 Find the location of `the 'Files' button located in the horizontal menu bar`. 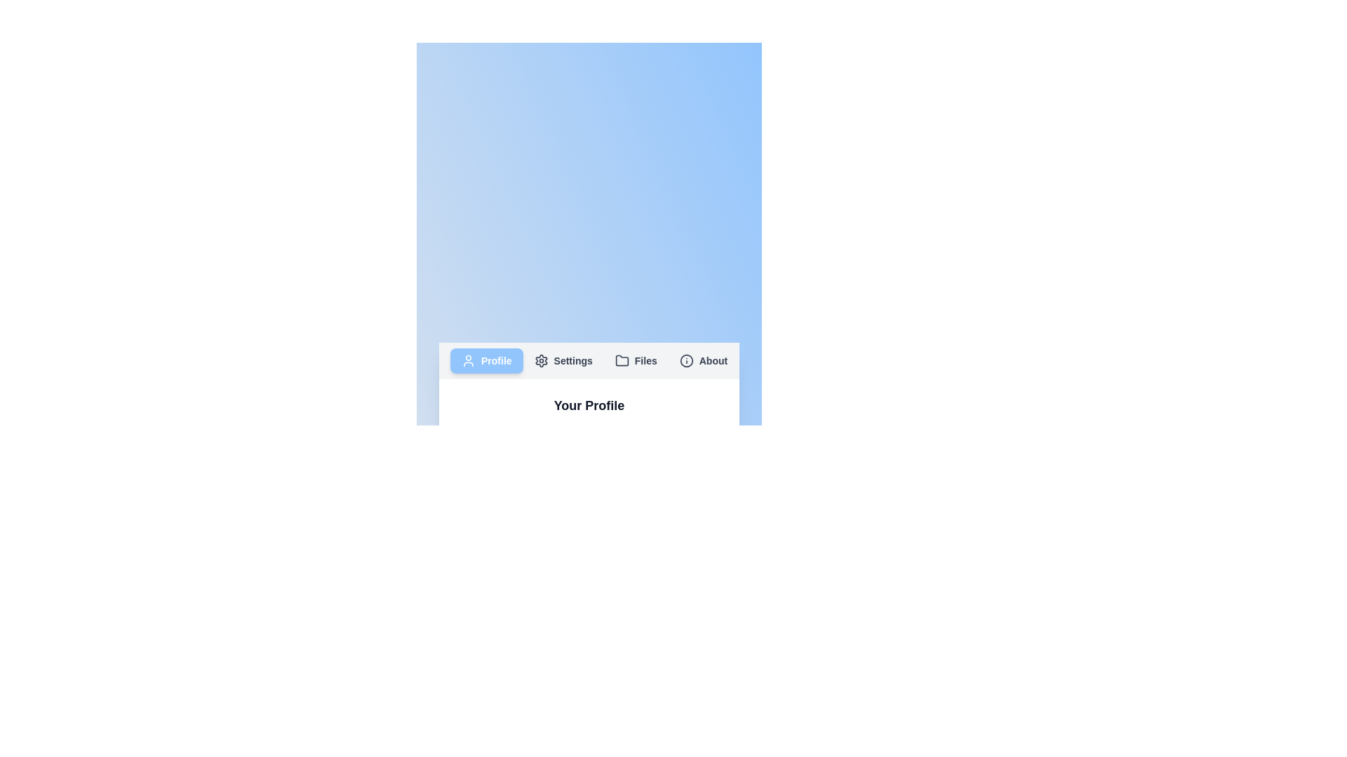

the 'Files' button located in the horizontal menu bar is located at coordinates (635, 360).